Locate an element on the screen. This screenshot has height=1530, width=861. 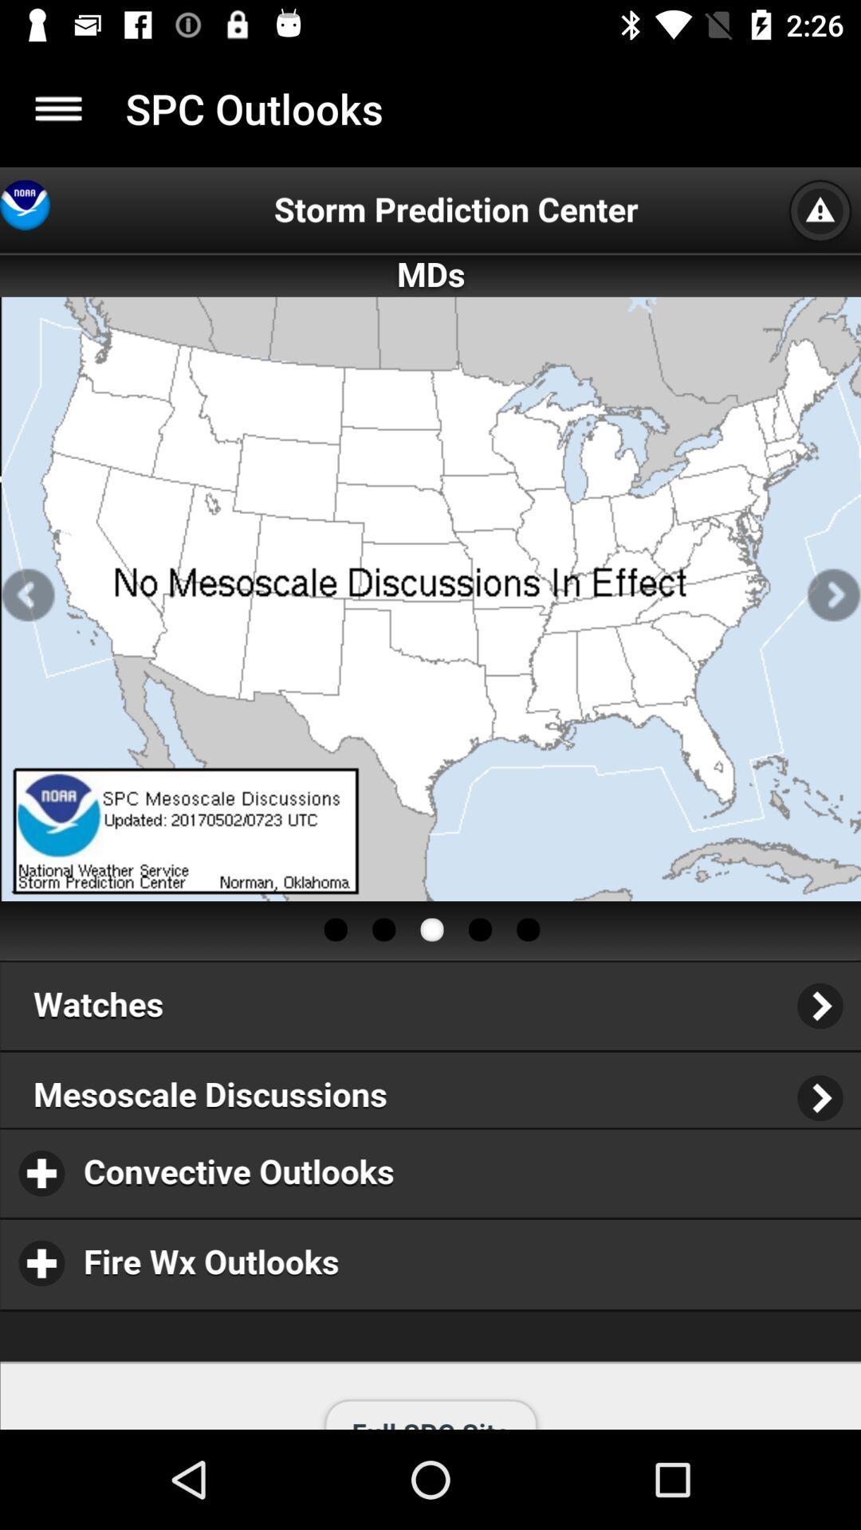
item to the left of the spc outlooks is located at coordinates (57, 108).